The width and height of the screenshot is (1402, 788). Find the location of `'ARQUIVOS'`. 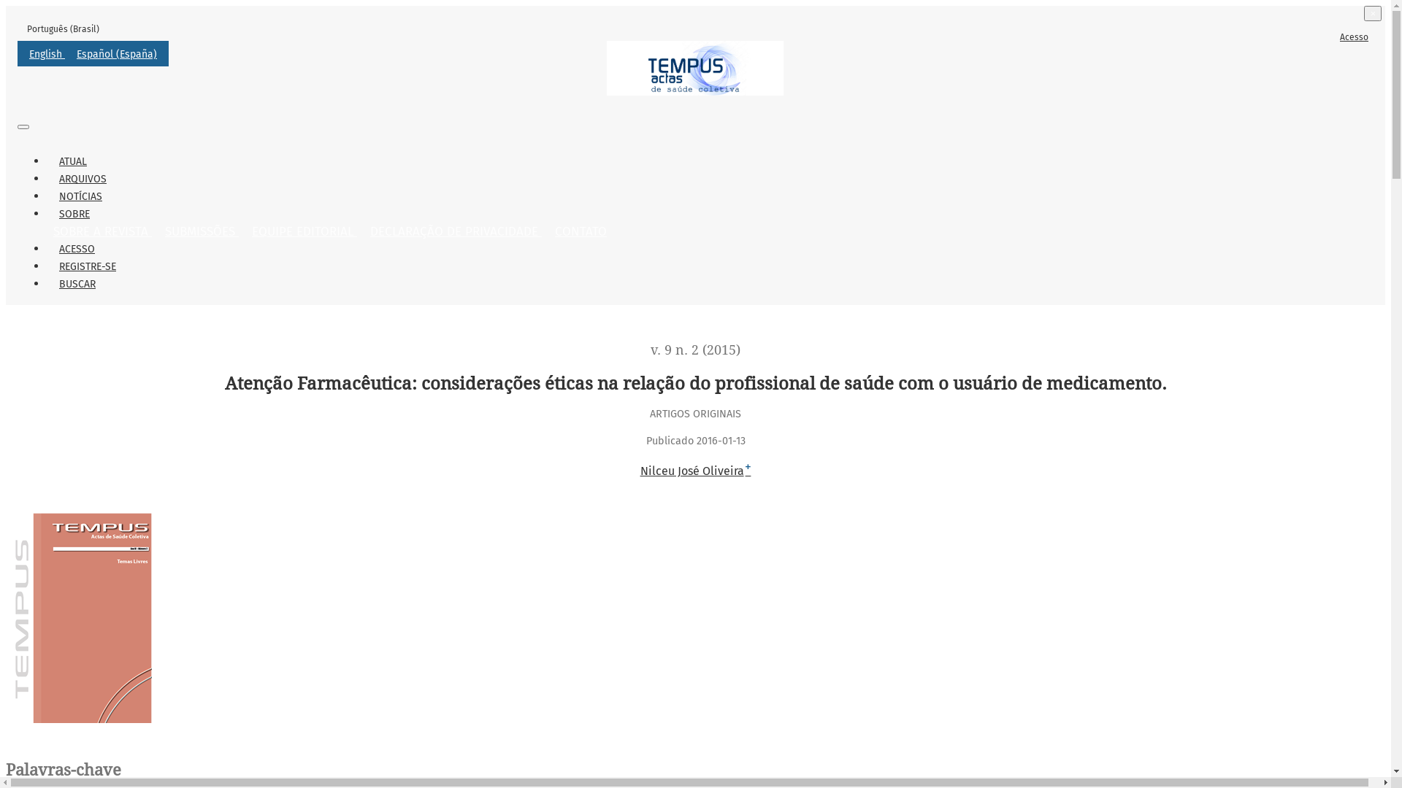

'ARQUIVOS' is located at coordinates (82, 178).